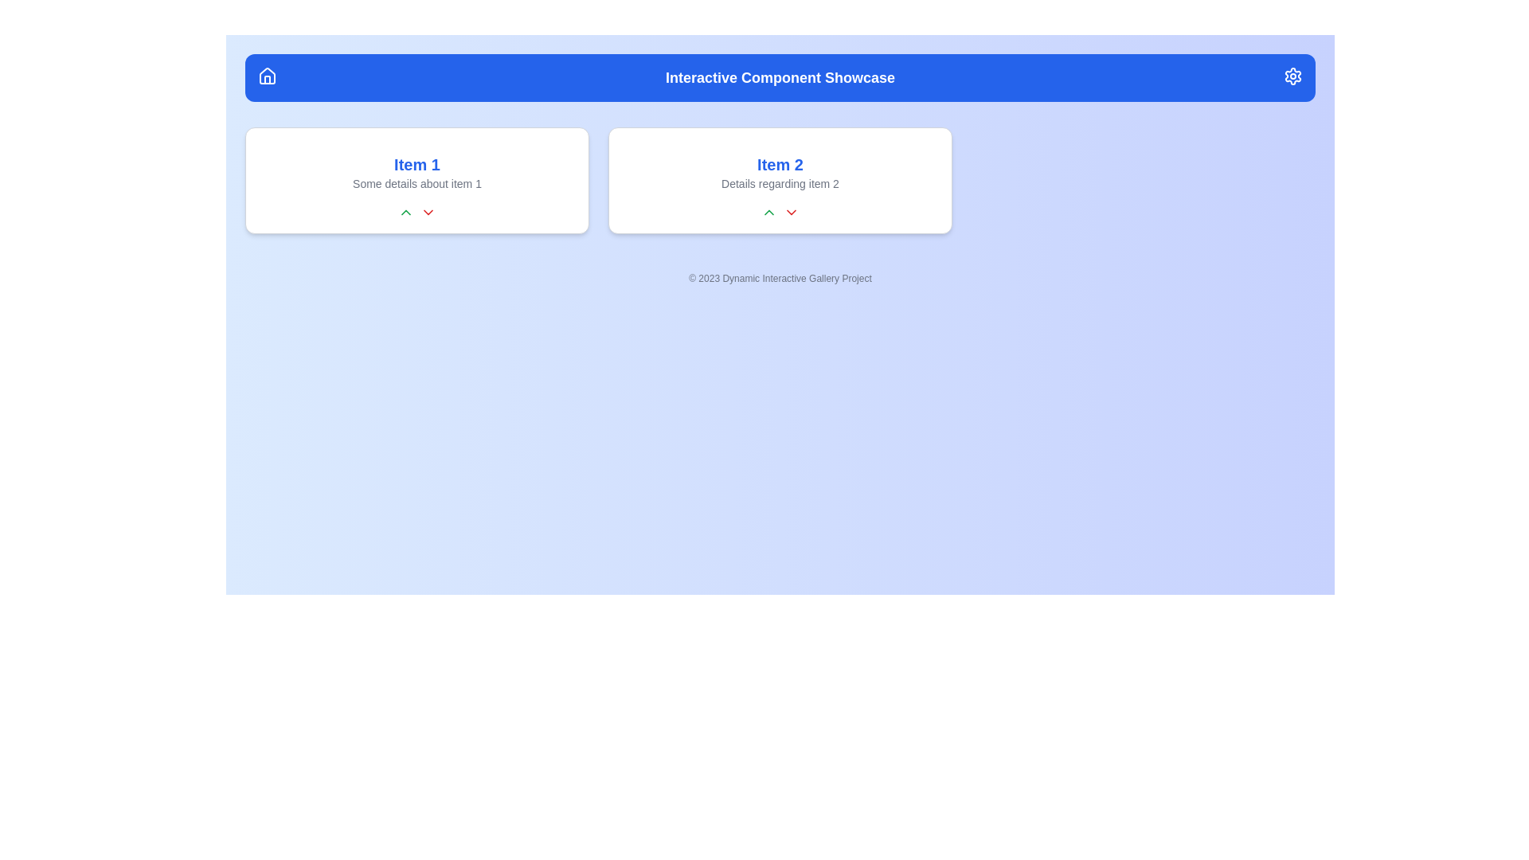 This screenshot has height=860, width=1529. Describe the element at coordinates (780, 172) in the screenshot. I see `displayed text from the text display element that shows 'Item 2' in bold blue text and 'Details regarding item 2' in smaller gray text, located in the second white card panel under the blue header bar` at that location.